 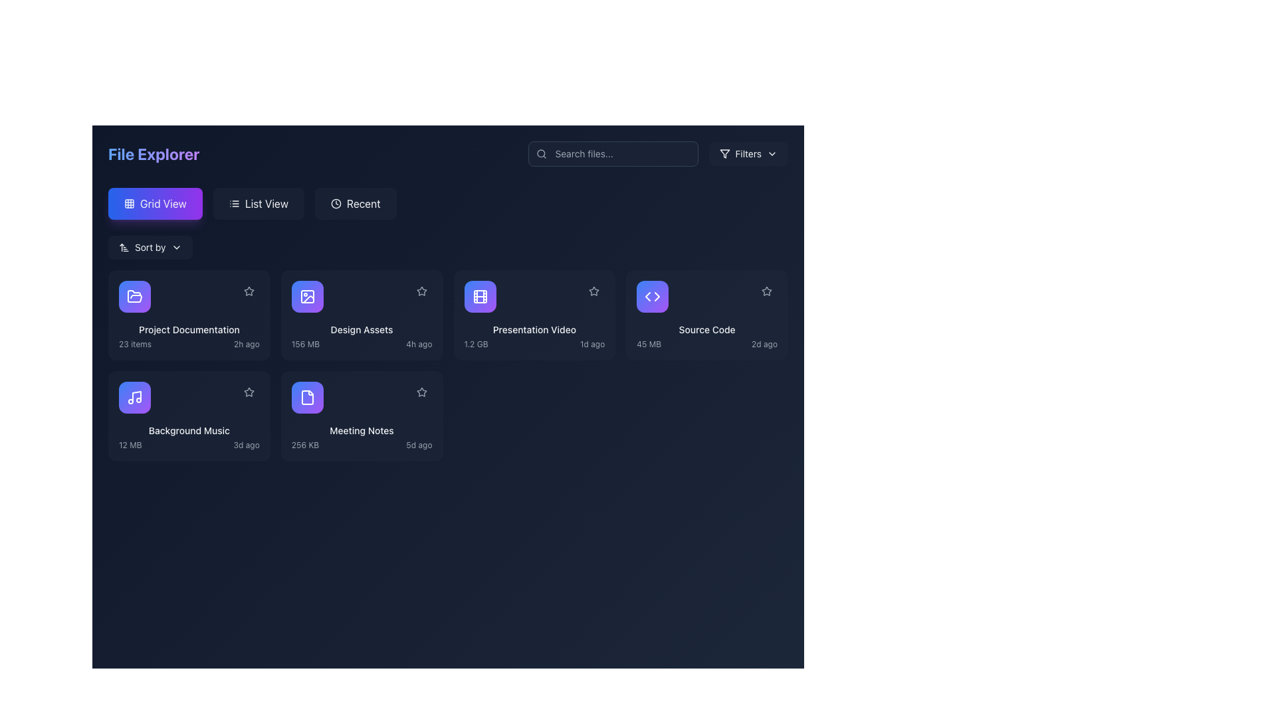 I want to click on the 'Filters' text label located in the top right section of the interface, so click(x=748, y=153).